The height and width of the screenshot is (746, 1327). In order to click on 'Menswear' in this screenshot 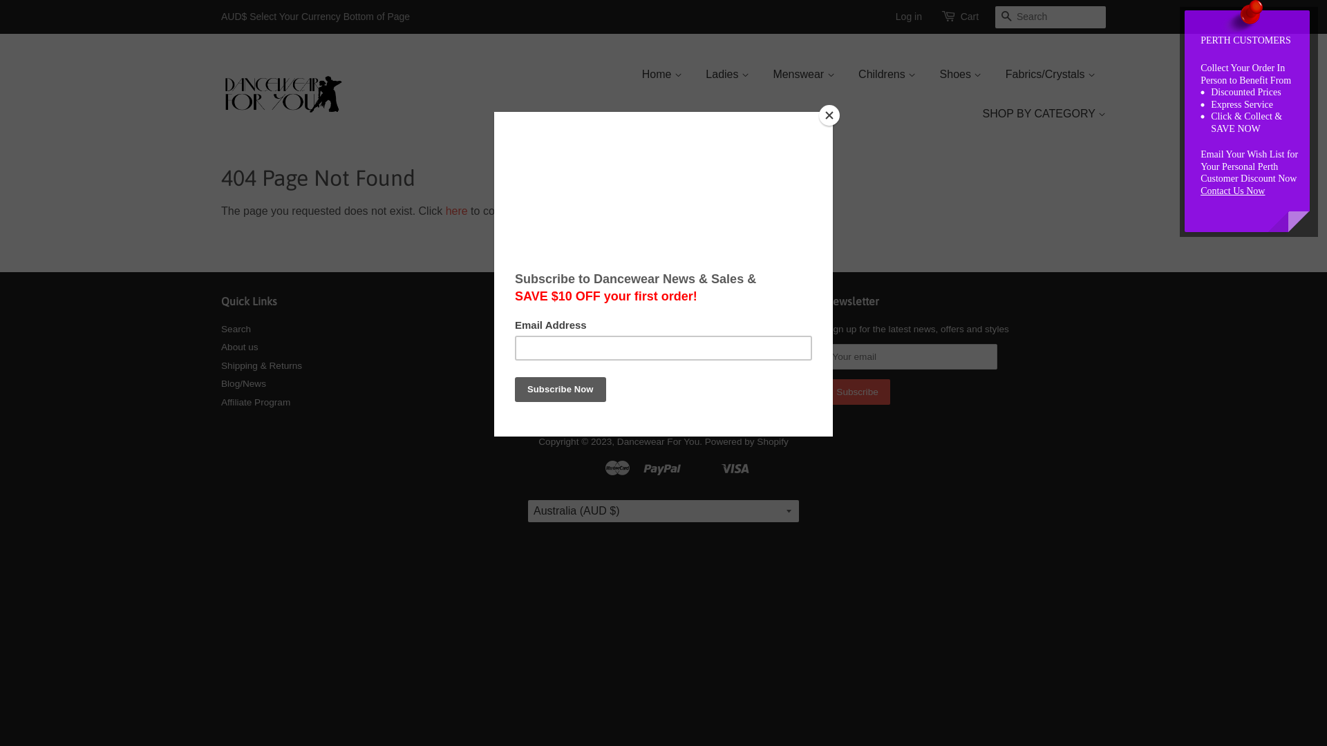, I will do `click(803, 74)`.